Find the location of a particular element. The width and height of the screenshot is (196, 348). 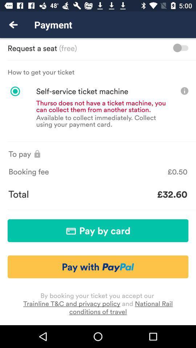

show info is located at coordinates (184, 90).